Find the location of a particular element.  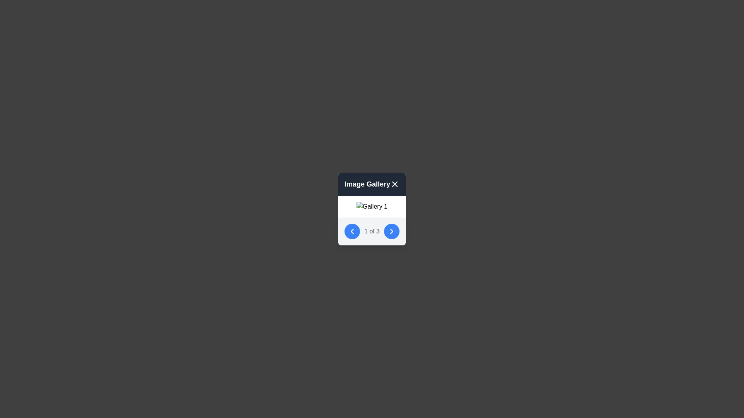

the displayed text of the central Text label indicating the current item index and total number of items in the pop-up gallery display is located at coordinates (372, 231).